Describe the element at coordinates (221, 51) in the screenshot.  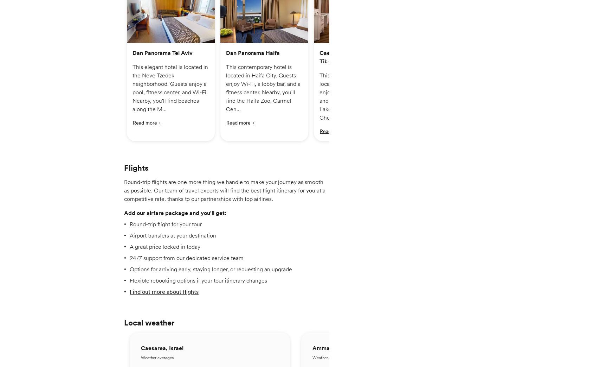
I see `'From $185 per person'` at that location.